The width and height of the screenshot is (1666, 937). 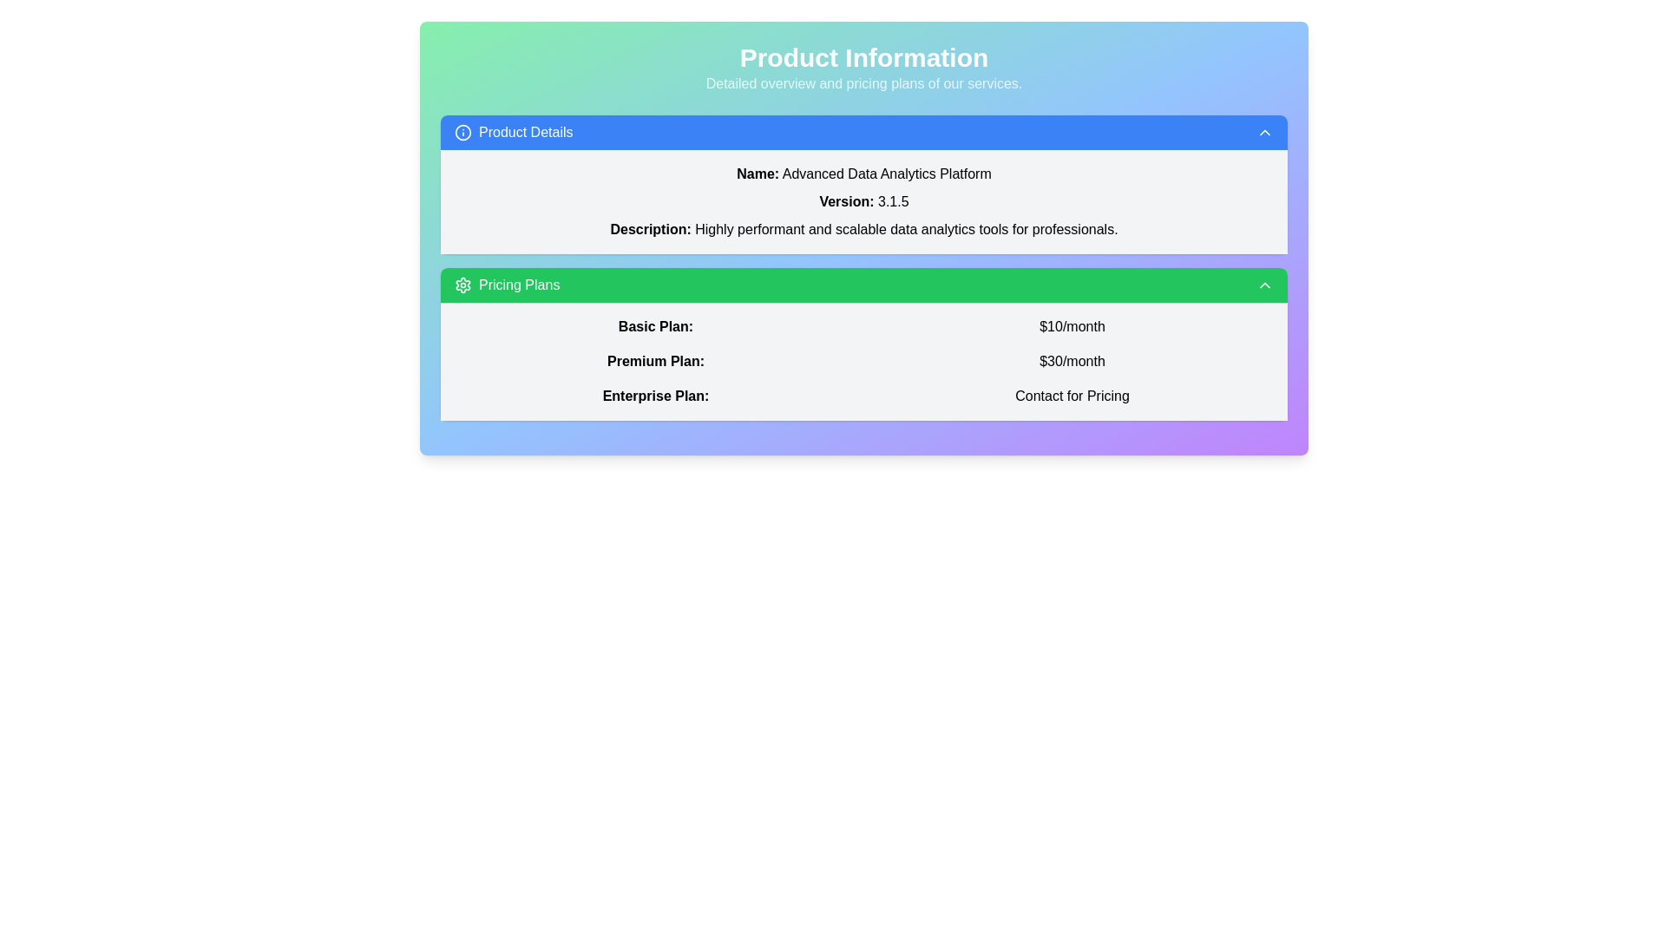 I want to click on the descriptive subtitle located directly below the 'Product Information' heading to possibly reveal additional options, so click(x=864, y=83).